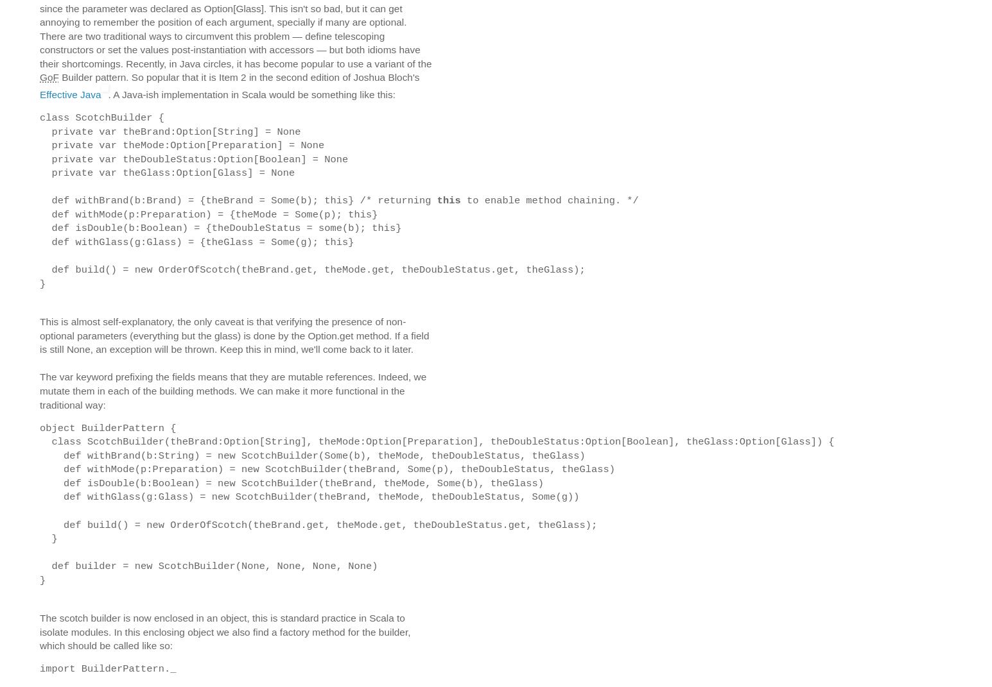  Describe the element at coordinates (196, 241) in the screenshot. I see `'def withGlass(g:Glass) = {theGlass = Some(g); this}'` at that location.